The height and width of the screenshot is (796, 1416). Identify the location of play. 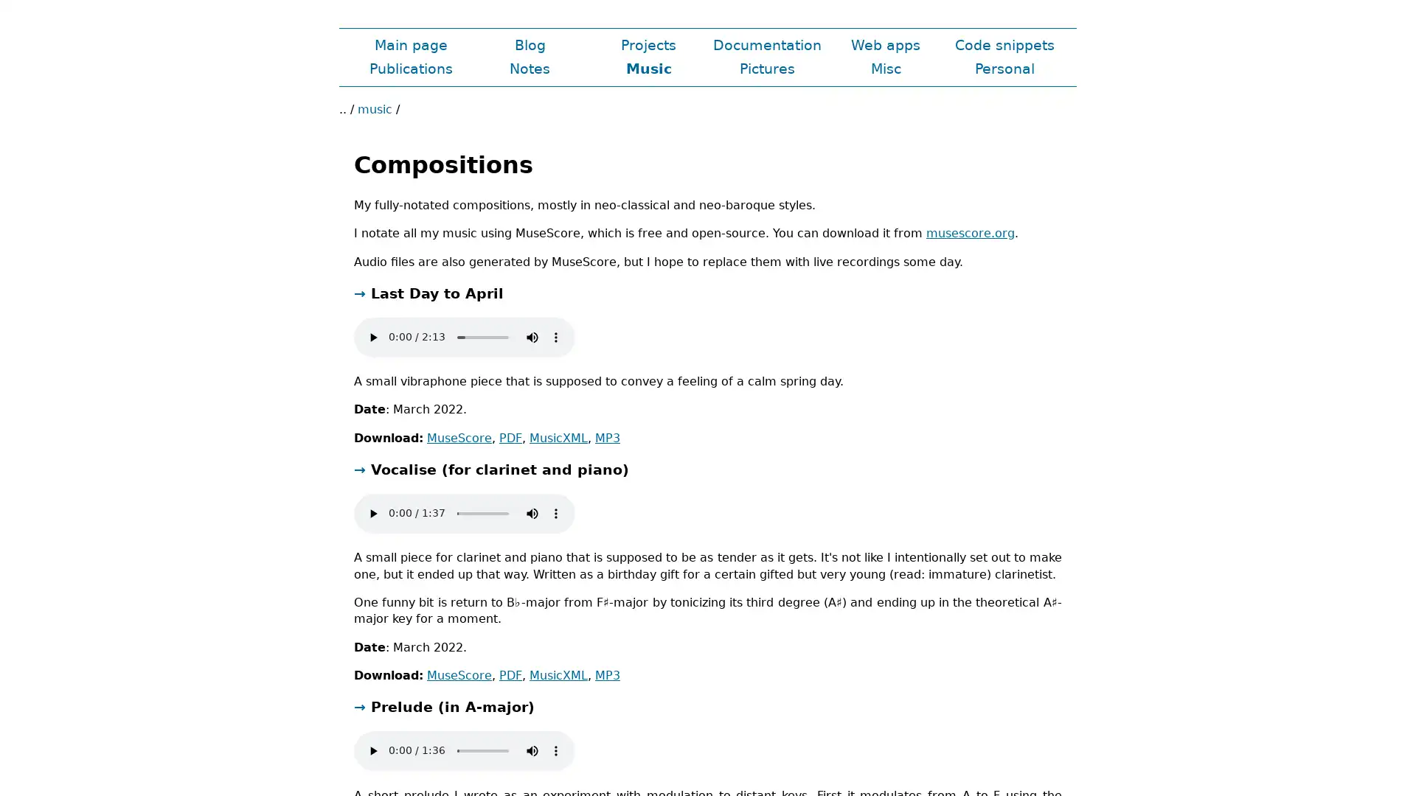
(372, 512).